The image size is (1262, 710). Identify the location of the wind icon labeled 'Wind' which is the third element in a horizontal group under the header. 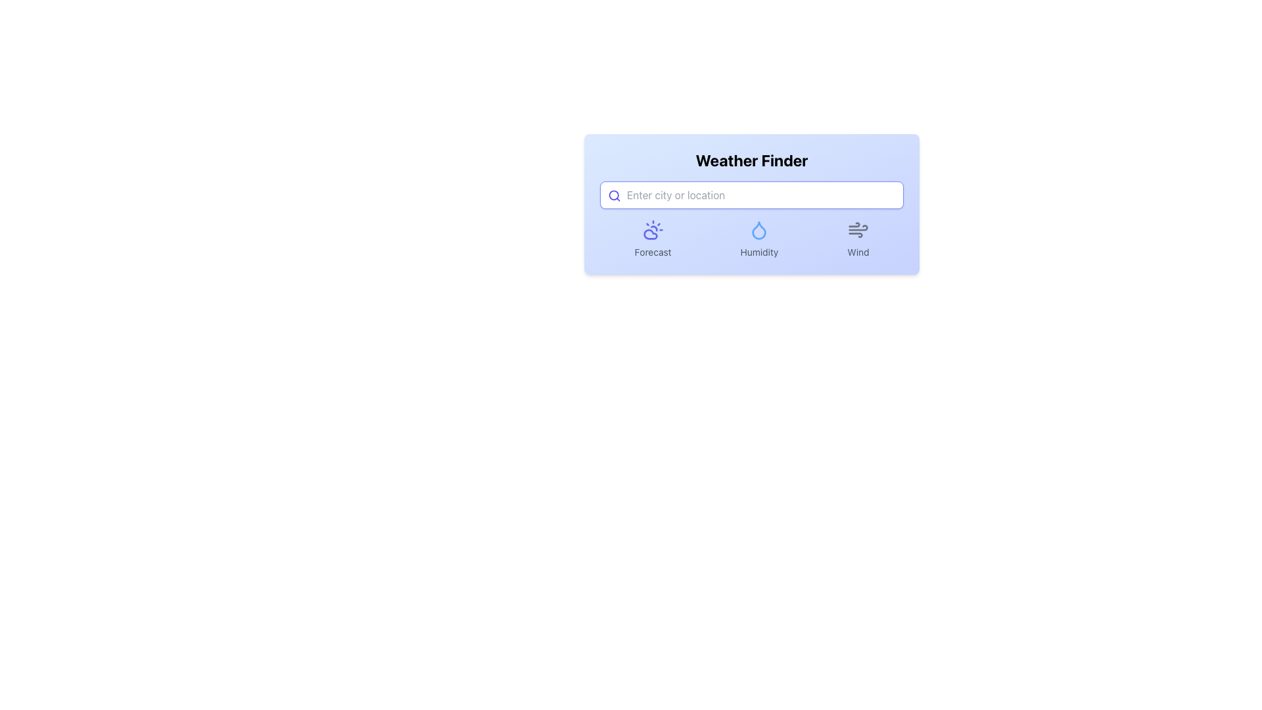
(858, 239).